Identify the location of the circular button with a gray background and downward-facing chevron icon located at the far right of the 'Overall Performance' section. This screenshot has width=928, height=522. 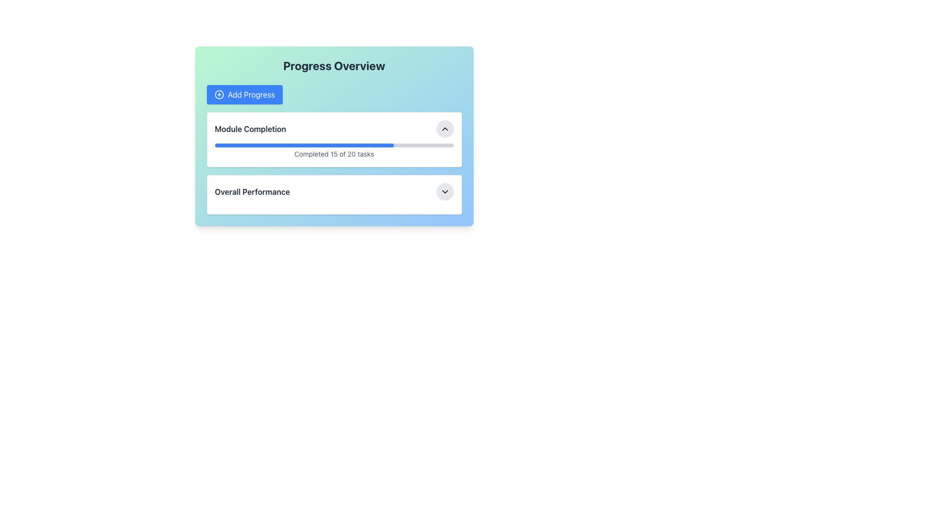
(444, 192).